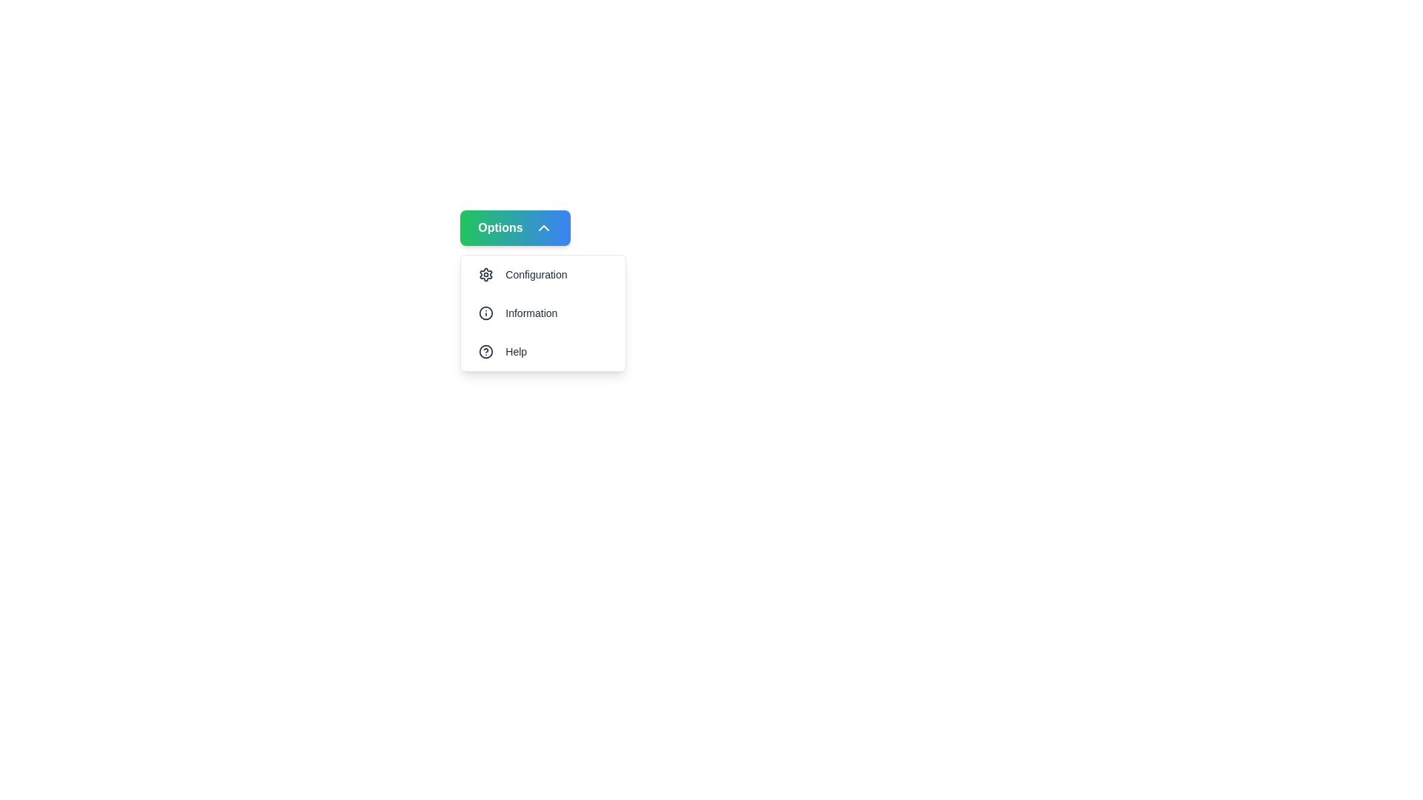  What do you see at coordinates (535, 274) in the screenshot?
I see `text label displaying 'Configuration' located in the menu under the 'Options' dropdown, positioned to the right of the gear icon` at bounding box center [535, 274].